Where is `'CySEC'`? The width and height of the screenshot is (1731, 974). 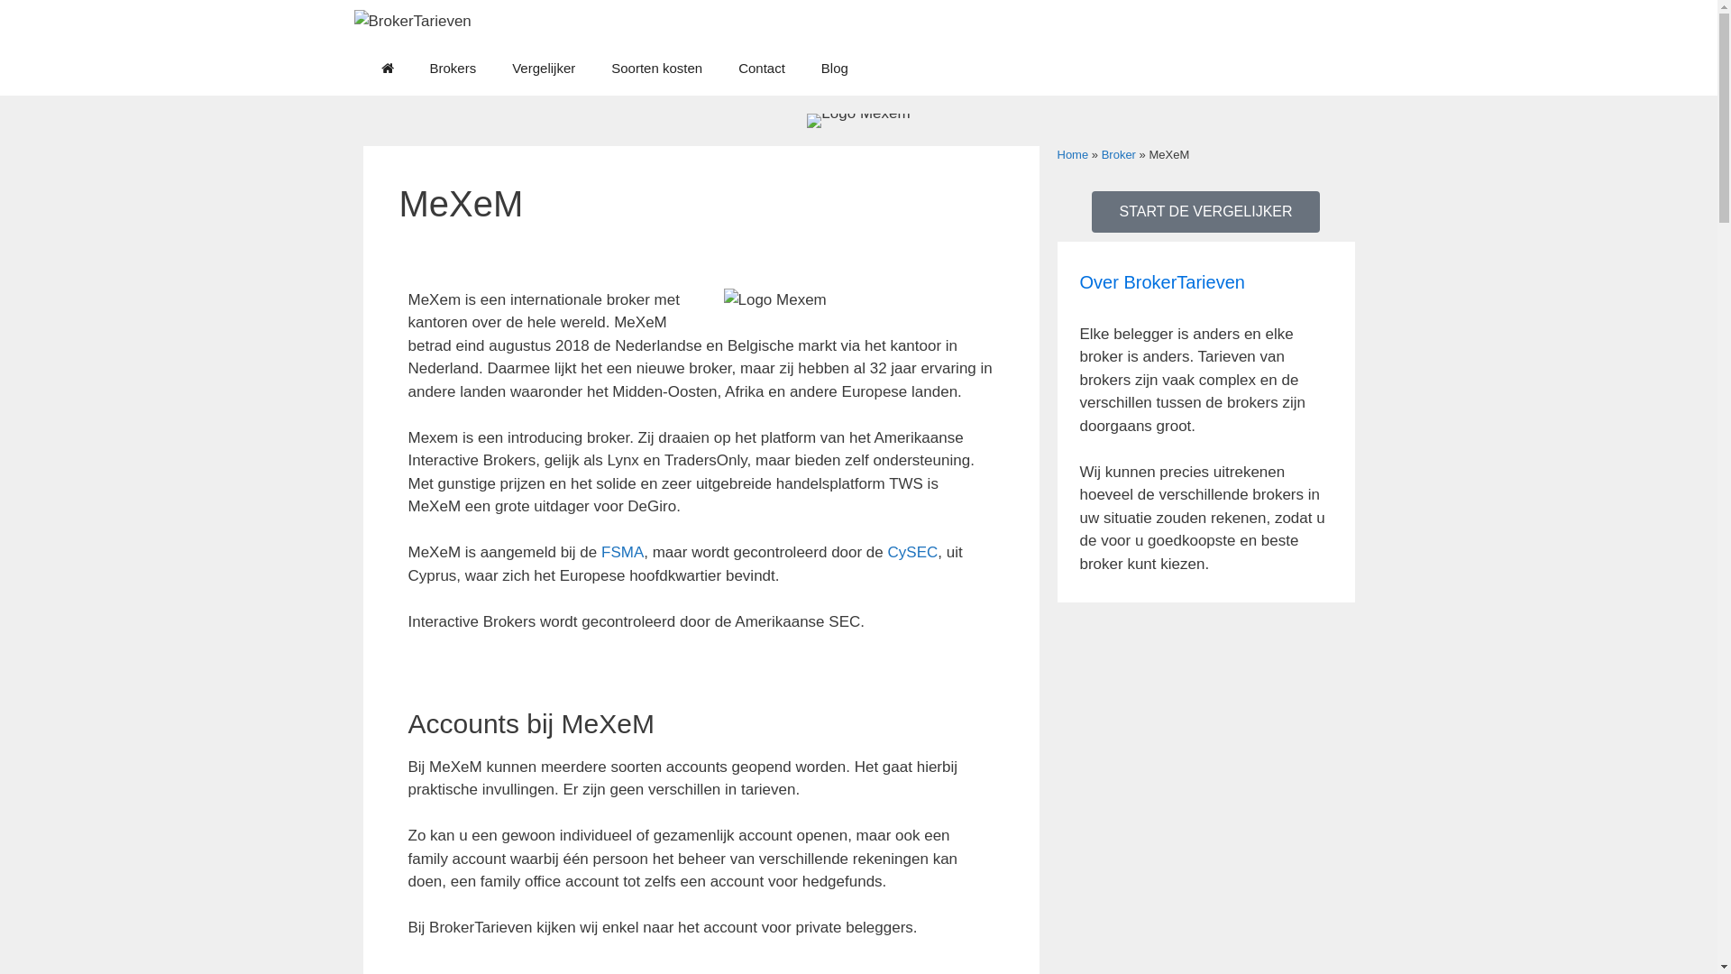 'CySEC' is located at coordinates (887, 551).